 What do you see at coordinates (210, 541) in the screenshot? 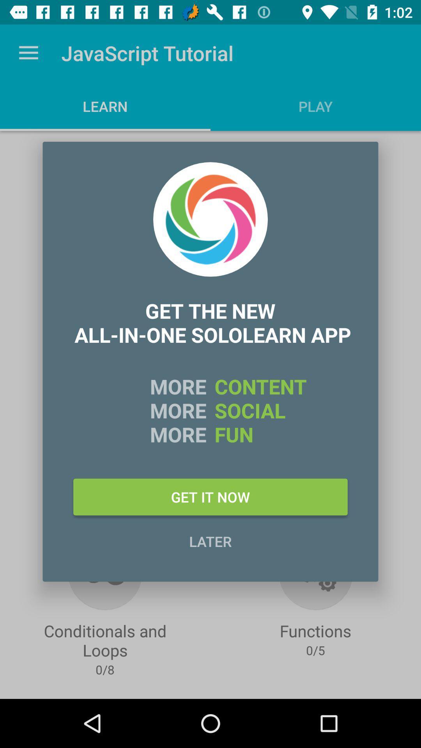
I see `the later` at bounding box center [210, 541].